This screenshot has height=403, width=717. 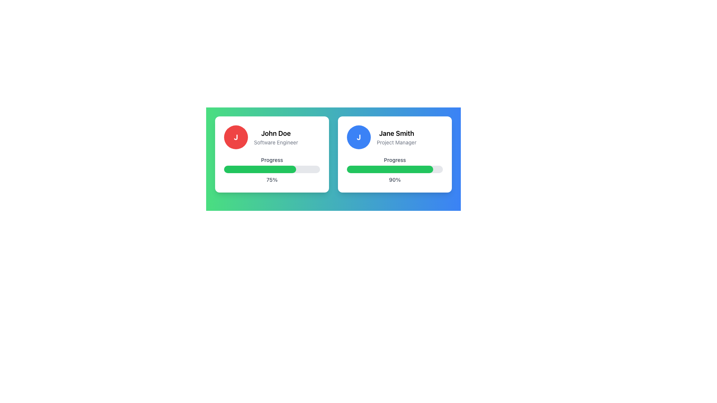 What do you see at coordinates (394, 137) in the screenshot?
I see `the Profile Summary Section located` at bounding box center [394, 137].